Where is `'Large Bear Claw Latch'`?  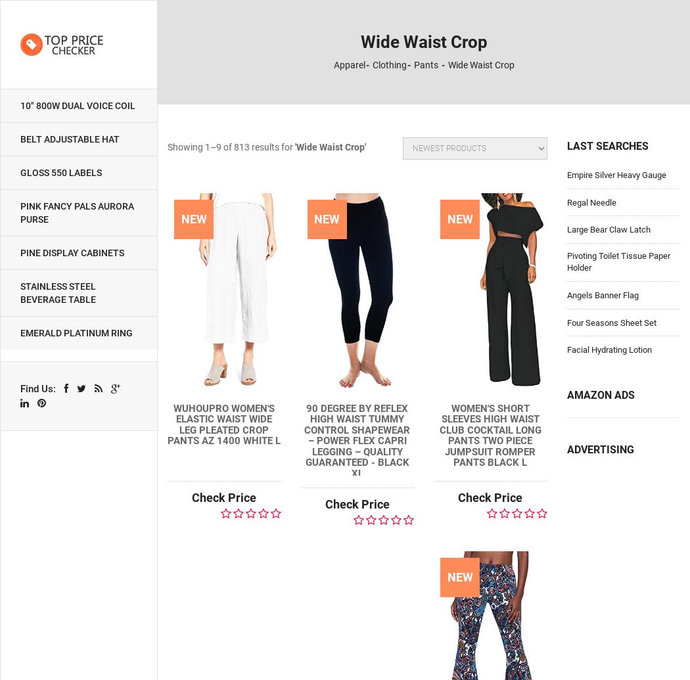
'Large Bear Claw Latch' is located at coordinates (608, 229).